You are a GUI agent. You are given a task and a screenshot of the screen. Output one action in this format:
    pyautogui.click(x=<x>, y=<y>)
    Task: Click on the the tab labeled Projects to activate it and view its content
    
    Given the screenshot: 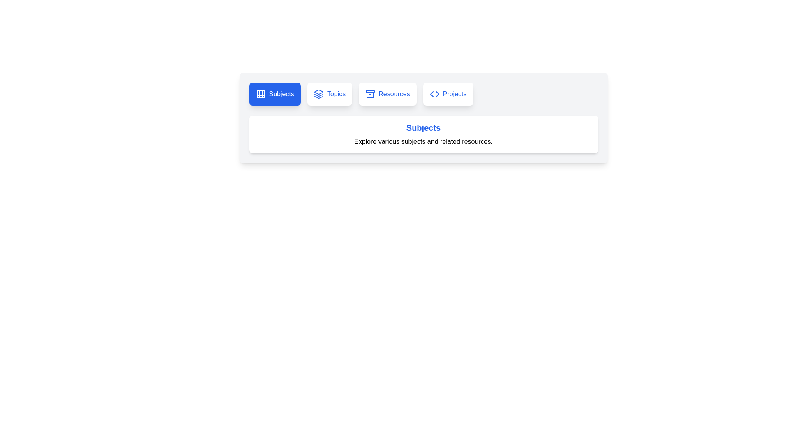 What is the action you would take?
    pyautogui.click(x=448, y=93)
    